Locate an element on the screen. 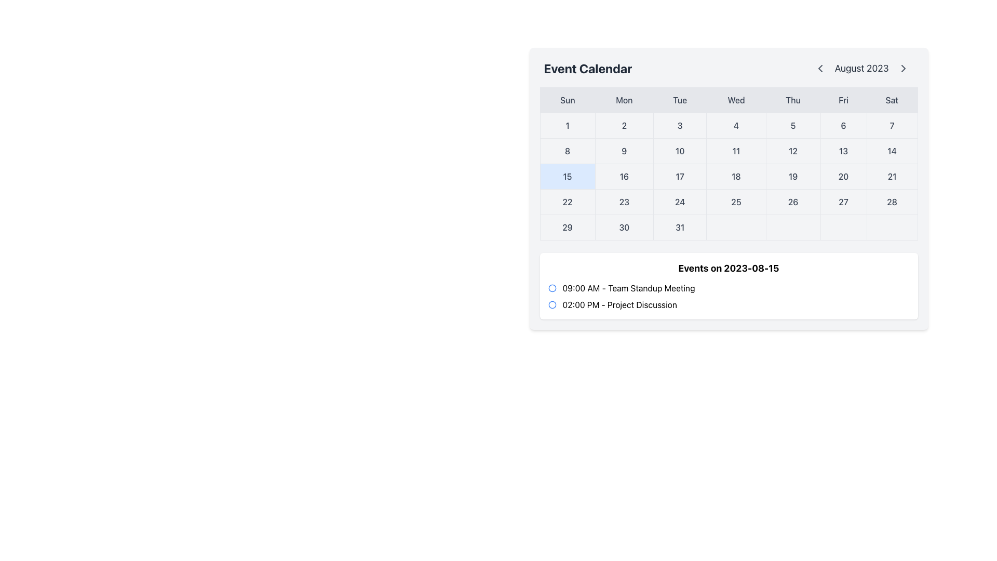 The width and height of the screenshot is (997, 561). the Day entry element displaying the text '28' in the calendar grid is located at coordinates (892, 202).